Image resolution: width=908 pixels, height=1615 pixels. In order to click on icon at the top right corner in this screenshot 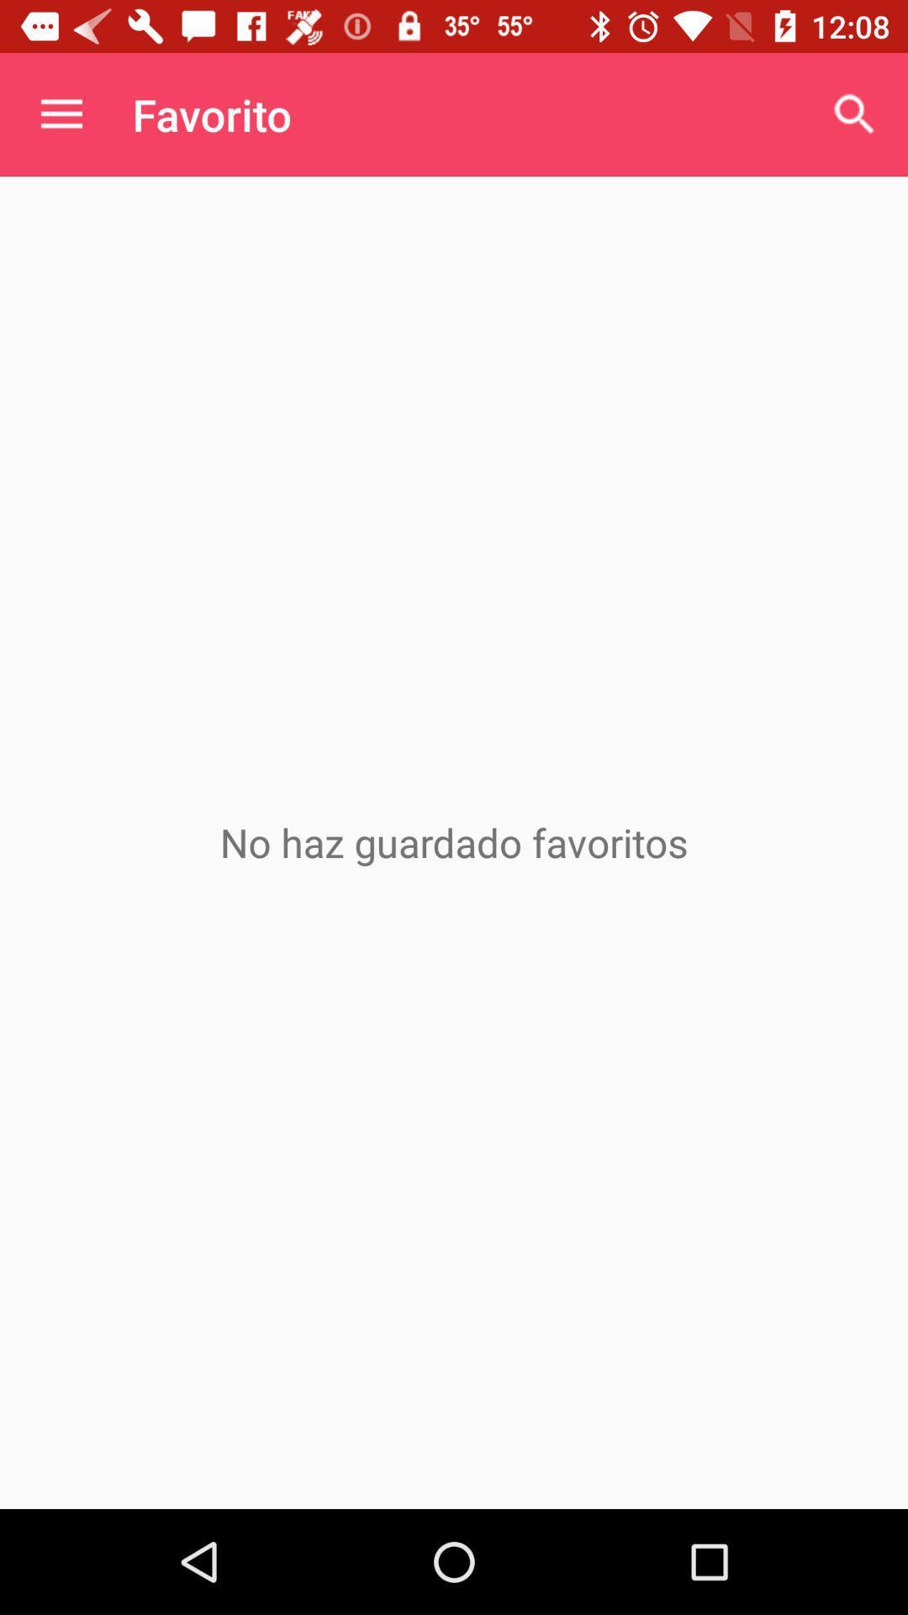, I will do `click(855, 114)`.